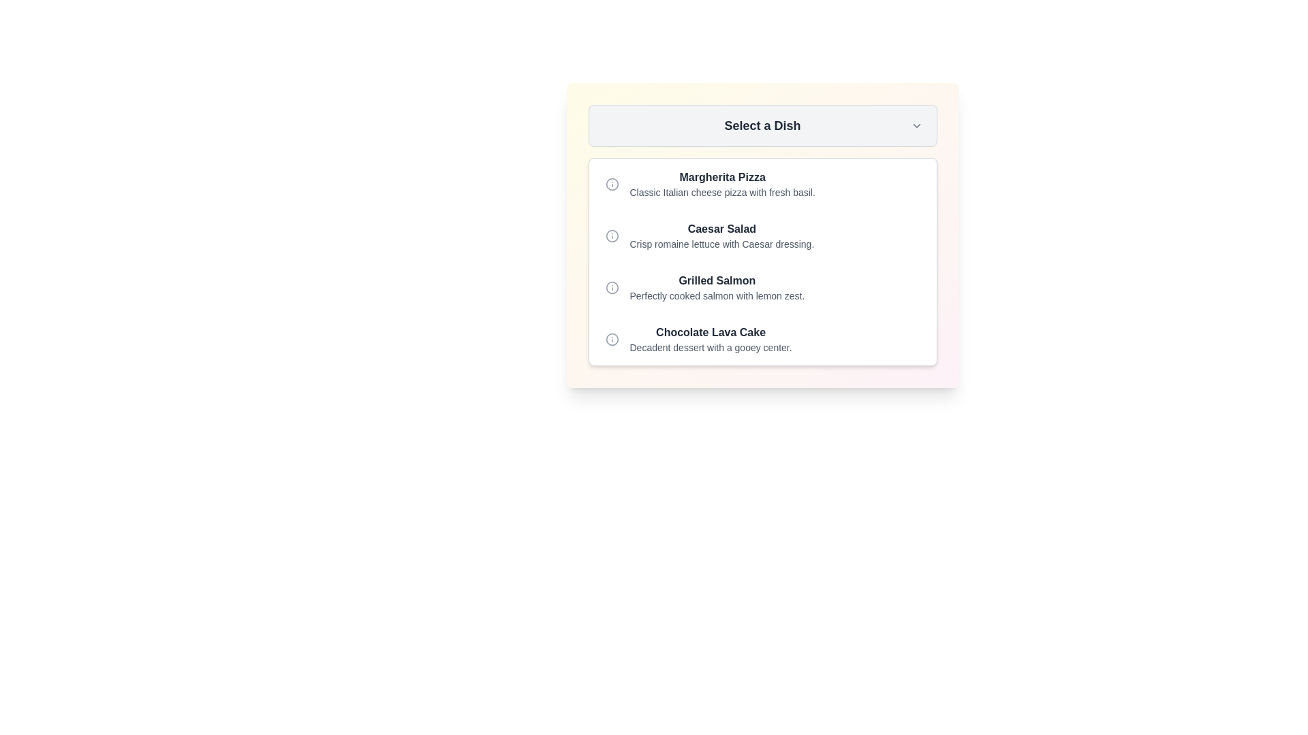 Image resolution: width=1308 pixels, height=735 pixels. What do you see at coordinates (611, 235) in the screenshot?
I see `the round gray icon with a central dot located to the left of the 'Caesar Salad' selection item` at bounding box center [611, 235].